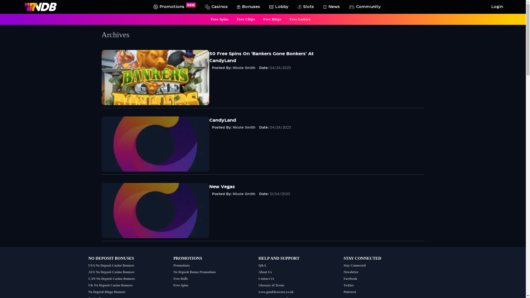 The width and height of the screenshot is (530, 298). Describe the element at coordinates (88, 285) in the screenshot. I see `'UK No Deposit Casino Bonuses'` at that location.